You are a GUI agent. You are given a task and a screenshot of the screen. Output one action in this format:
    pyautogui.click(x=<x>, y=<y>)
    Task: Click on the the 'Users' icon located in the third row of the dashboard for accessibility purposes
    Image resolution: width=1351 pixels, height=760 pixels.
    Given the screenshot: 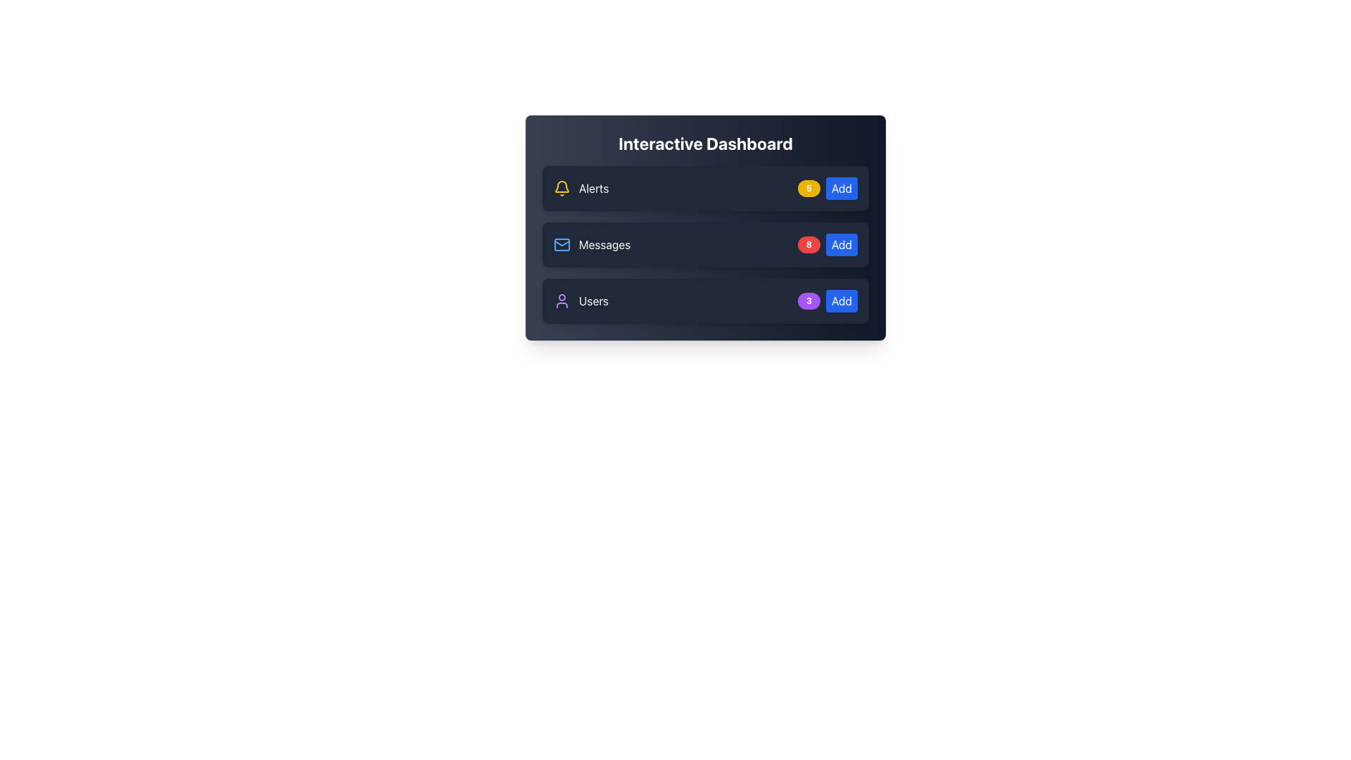 What is the action you would take?
    pyautogui.click(x=561, y=300)
    